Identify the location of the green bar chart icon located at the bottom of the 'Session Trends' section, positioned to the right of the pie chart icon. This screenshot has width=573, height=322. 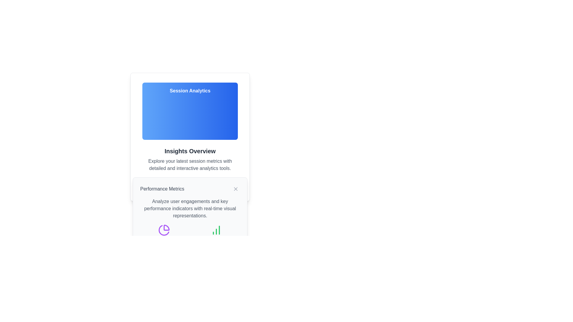
(216, 230).